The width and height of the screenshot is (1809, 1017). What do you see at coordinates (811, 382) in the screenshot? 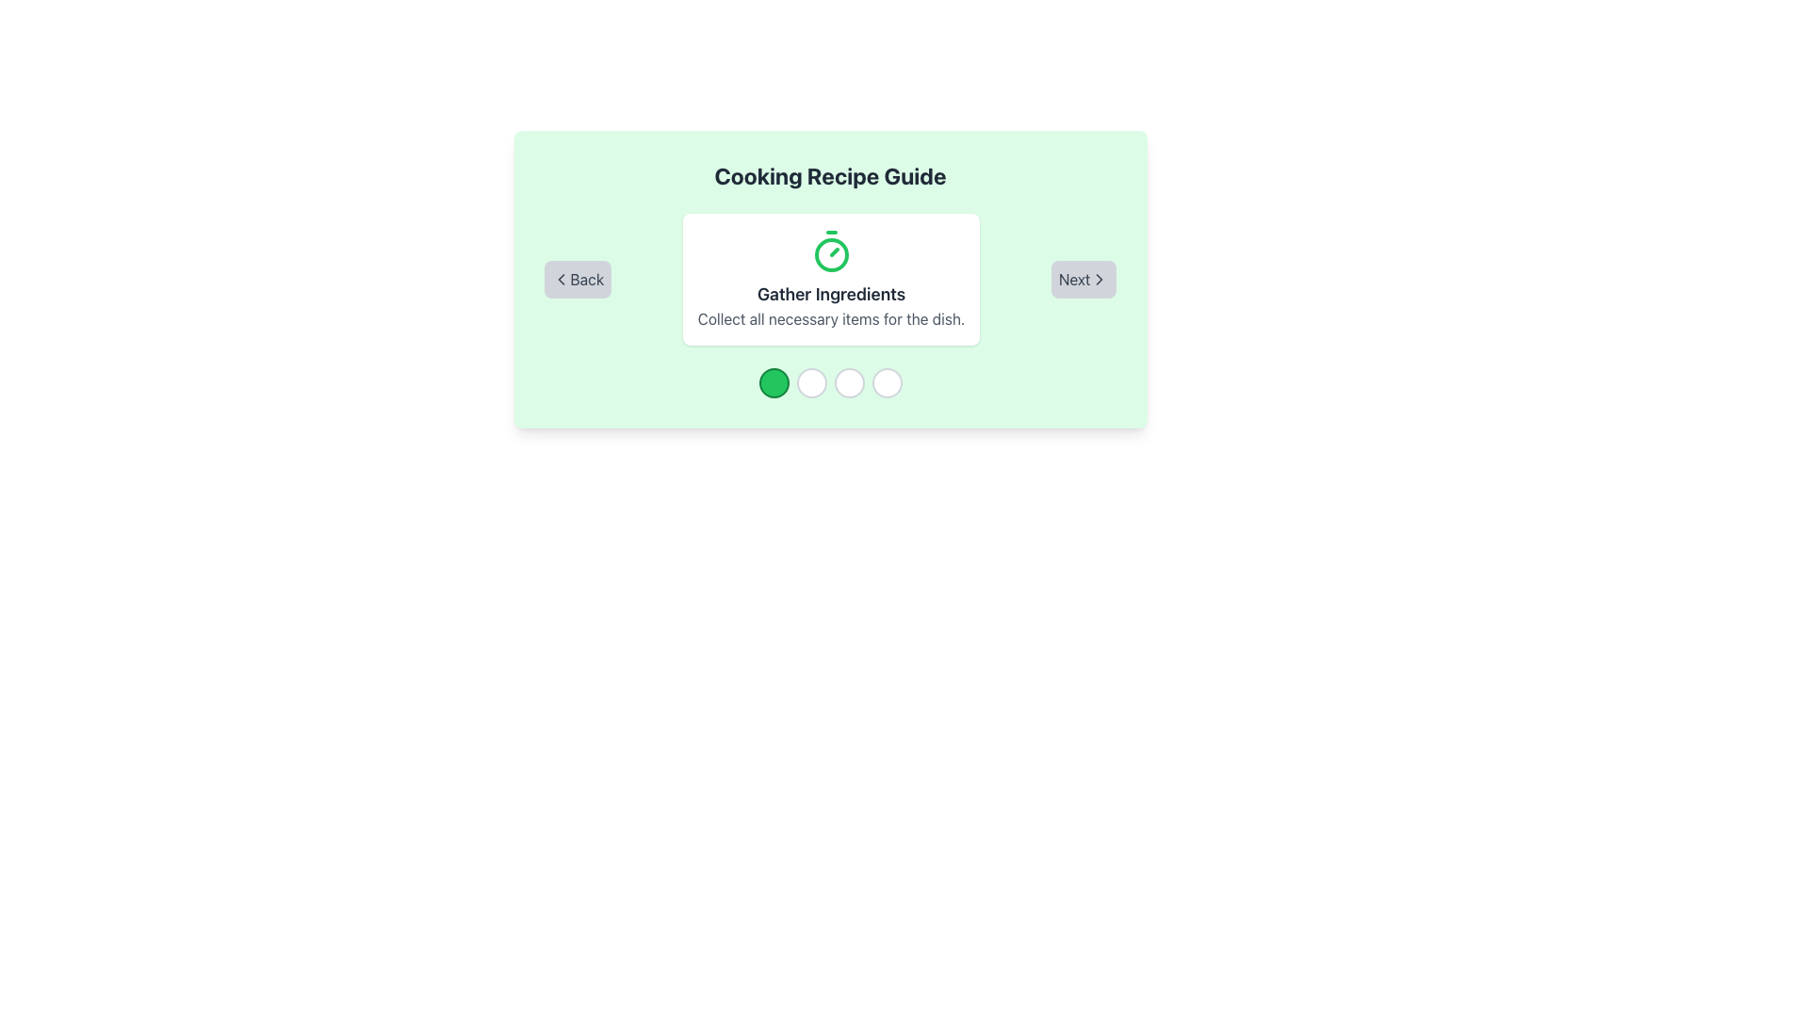
I see `the second circular indicator in the step sequence below the 'Cooking Recipe Guide' card` at bounding box center [811, 382].